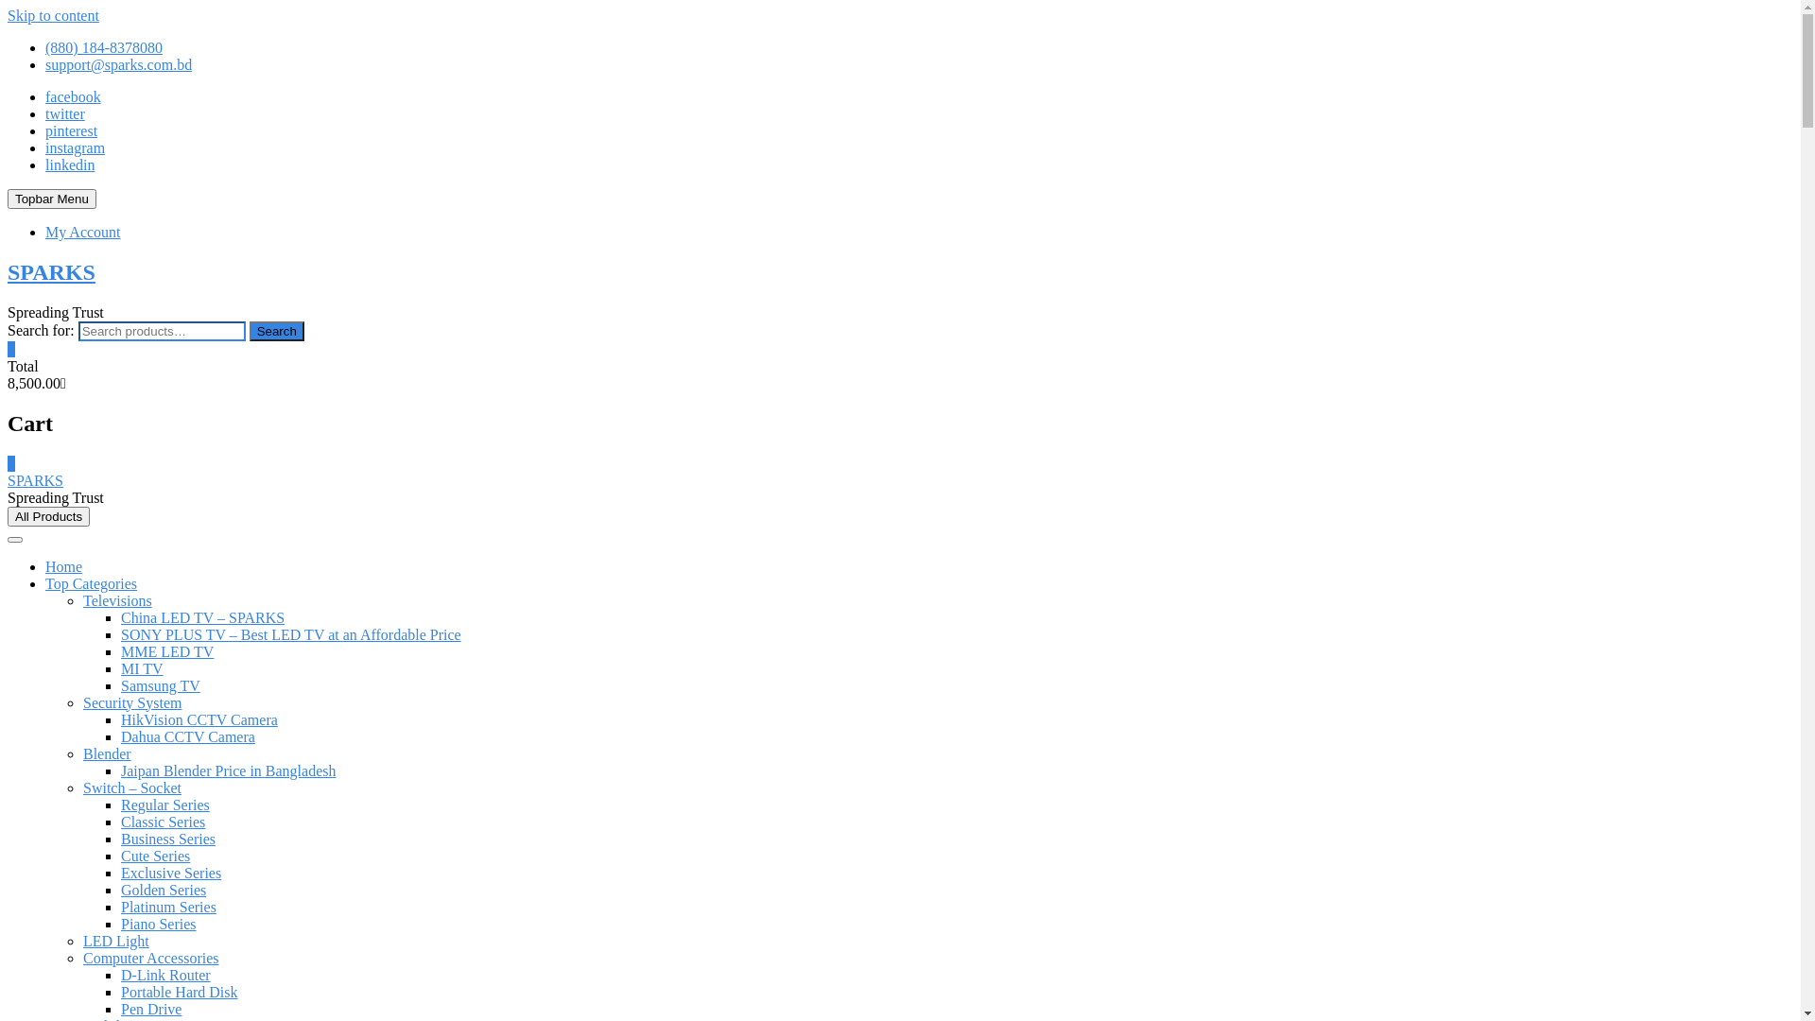  I want to click on 'Search', so click(275, 330).